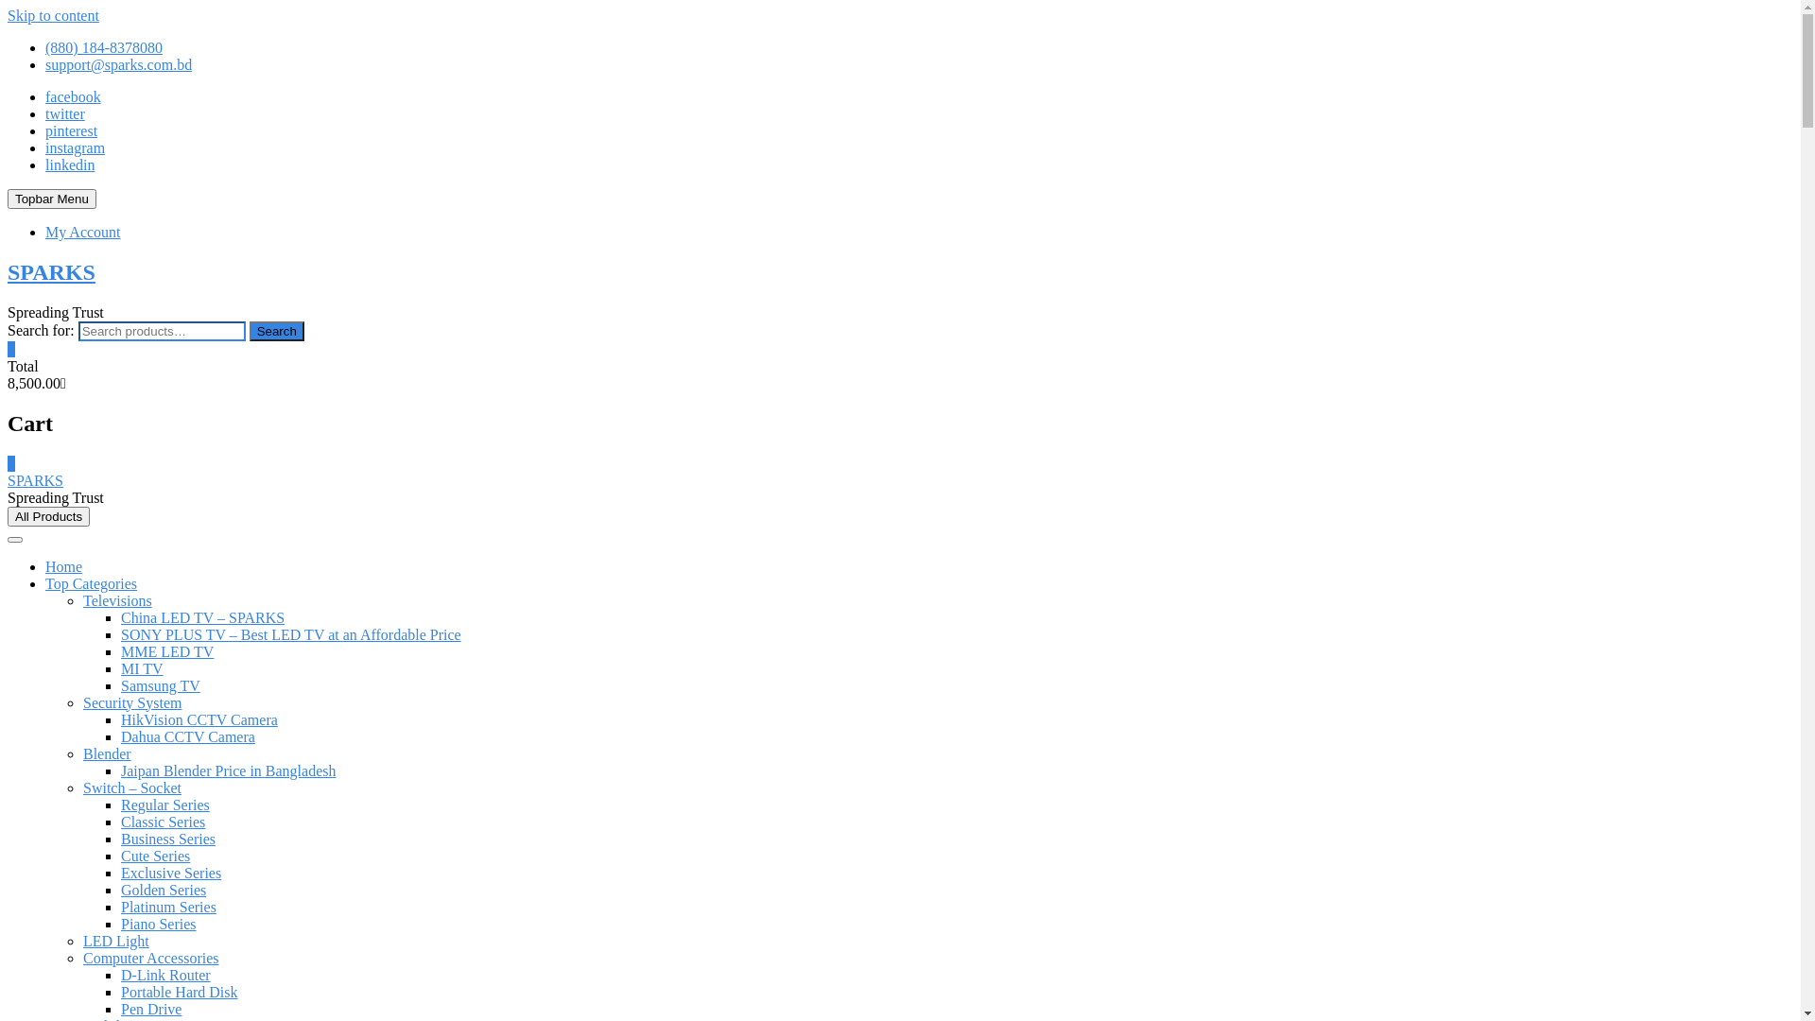  I want to click on 'Search', so click(275, 330).